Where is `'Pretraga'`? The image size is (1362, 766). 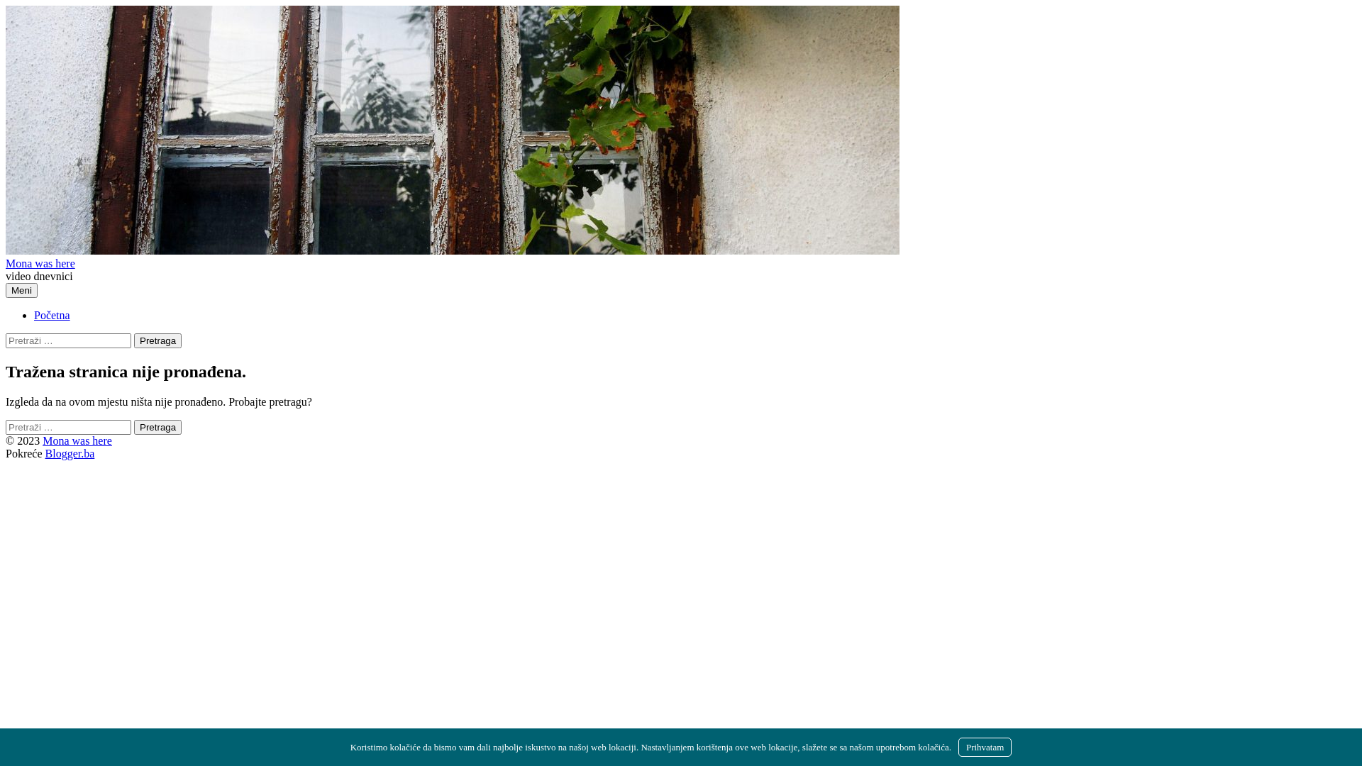 'Pretraga' is located at coordinates (157, 340).